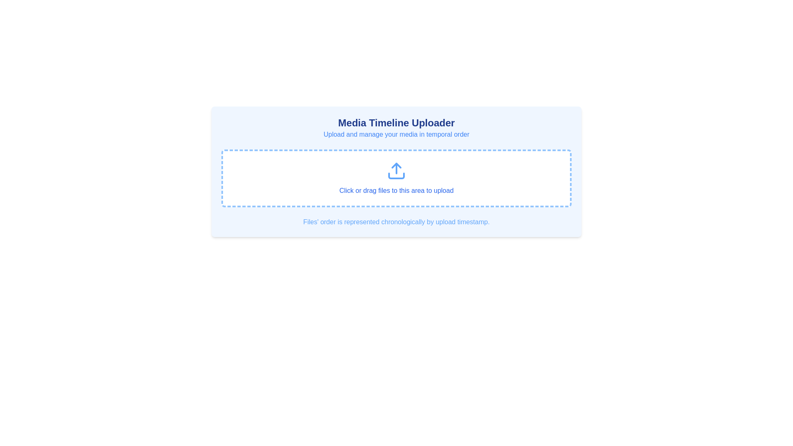 The width and height of the screenshot is (793, 446). What do you see at coordinates (396, 166) in the screenshot?
I see `the filled blue upward arrow graphic element located within the outlined upload icon in the middle section of the upload area` at bounding box center [396, 166].